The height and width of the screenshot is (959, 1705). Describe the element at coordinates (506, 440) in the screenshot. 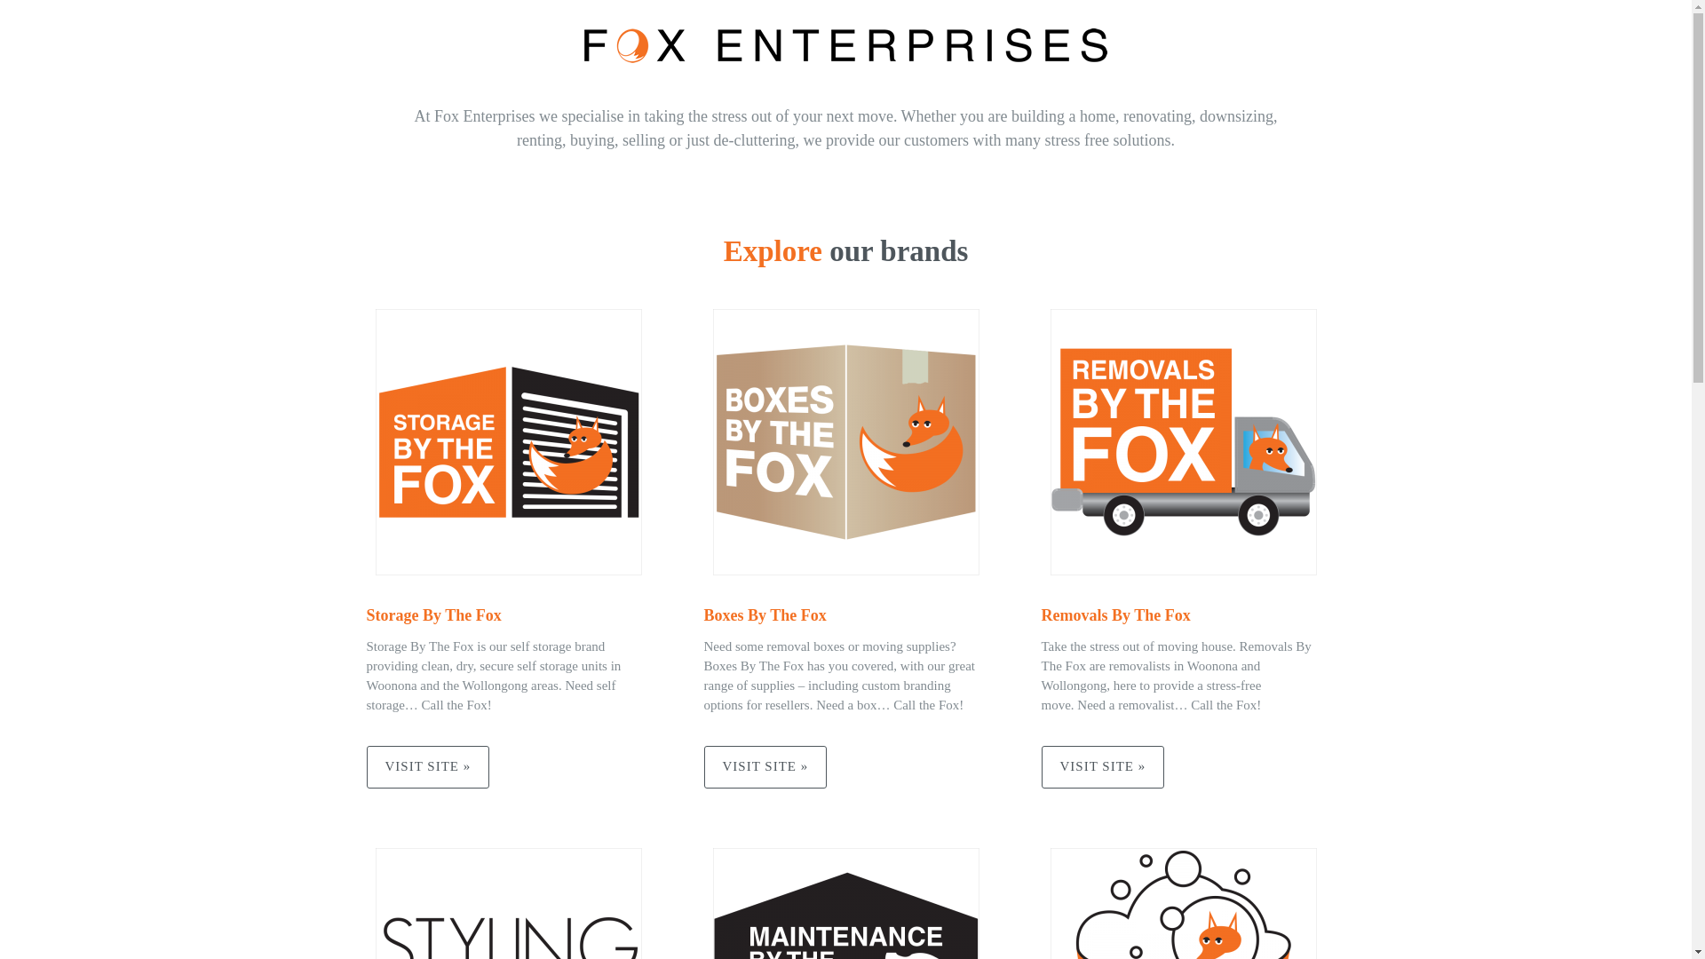

I see `'logo_storagebythefox'` at that location.